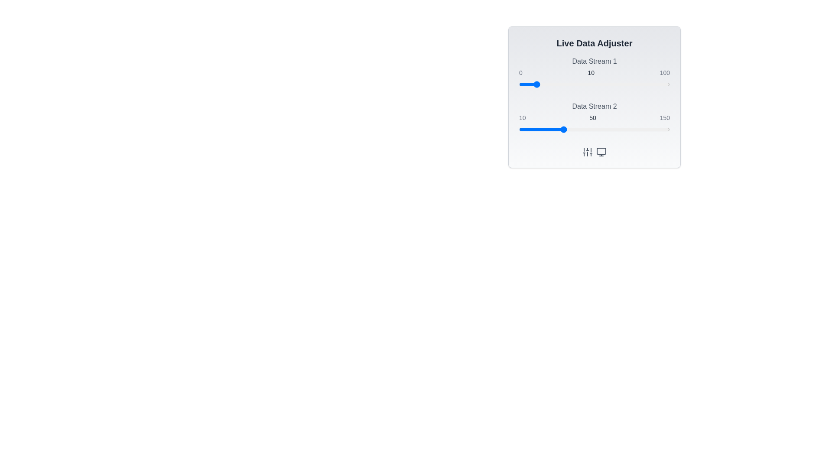 The image size is (832, 468). What do you see at coordinates (553, 84) in the screenshot?
I see `the Data Stream 1 value` at bounding box center [553, 84].